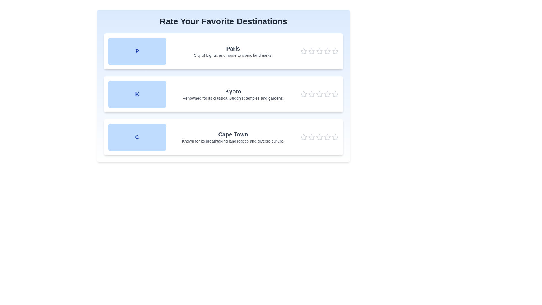  I want to click on the visual block with a light blue background and a bold 'K' in dark blue, so click(137, 94).